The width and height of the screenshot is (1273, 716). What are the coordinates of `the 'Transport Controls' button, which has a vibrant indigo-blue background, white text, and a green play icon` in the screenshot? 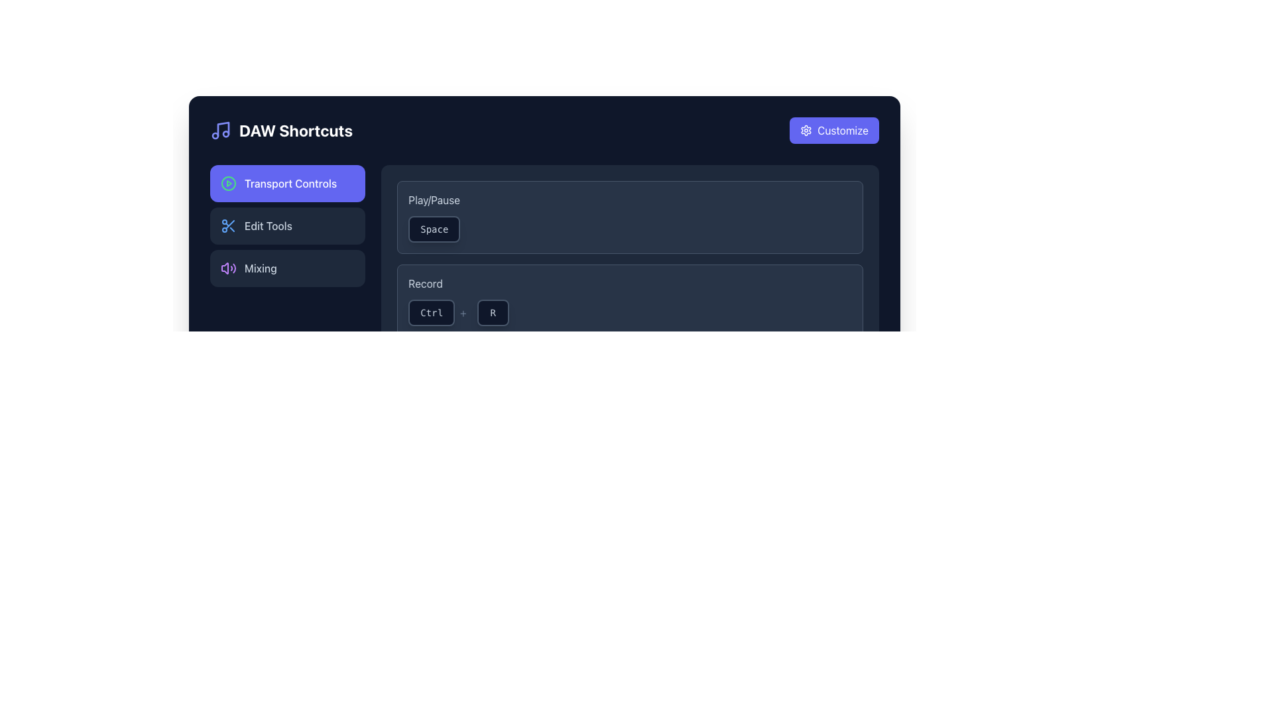 It's located at (287, 184).